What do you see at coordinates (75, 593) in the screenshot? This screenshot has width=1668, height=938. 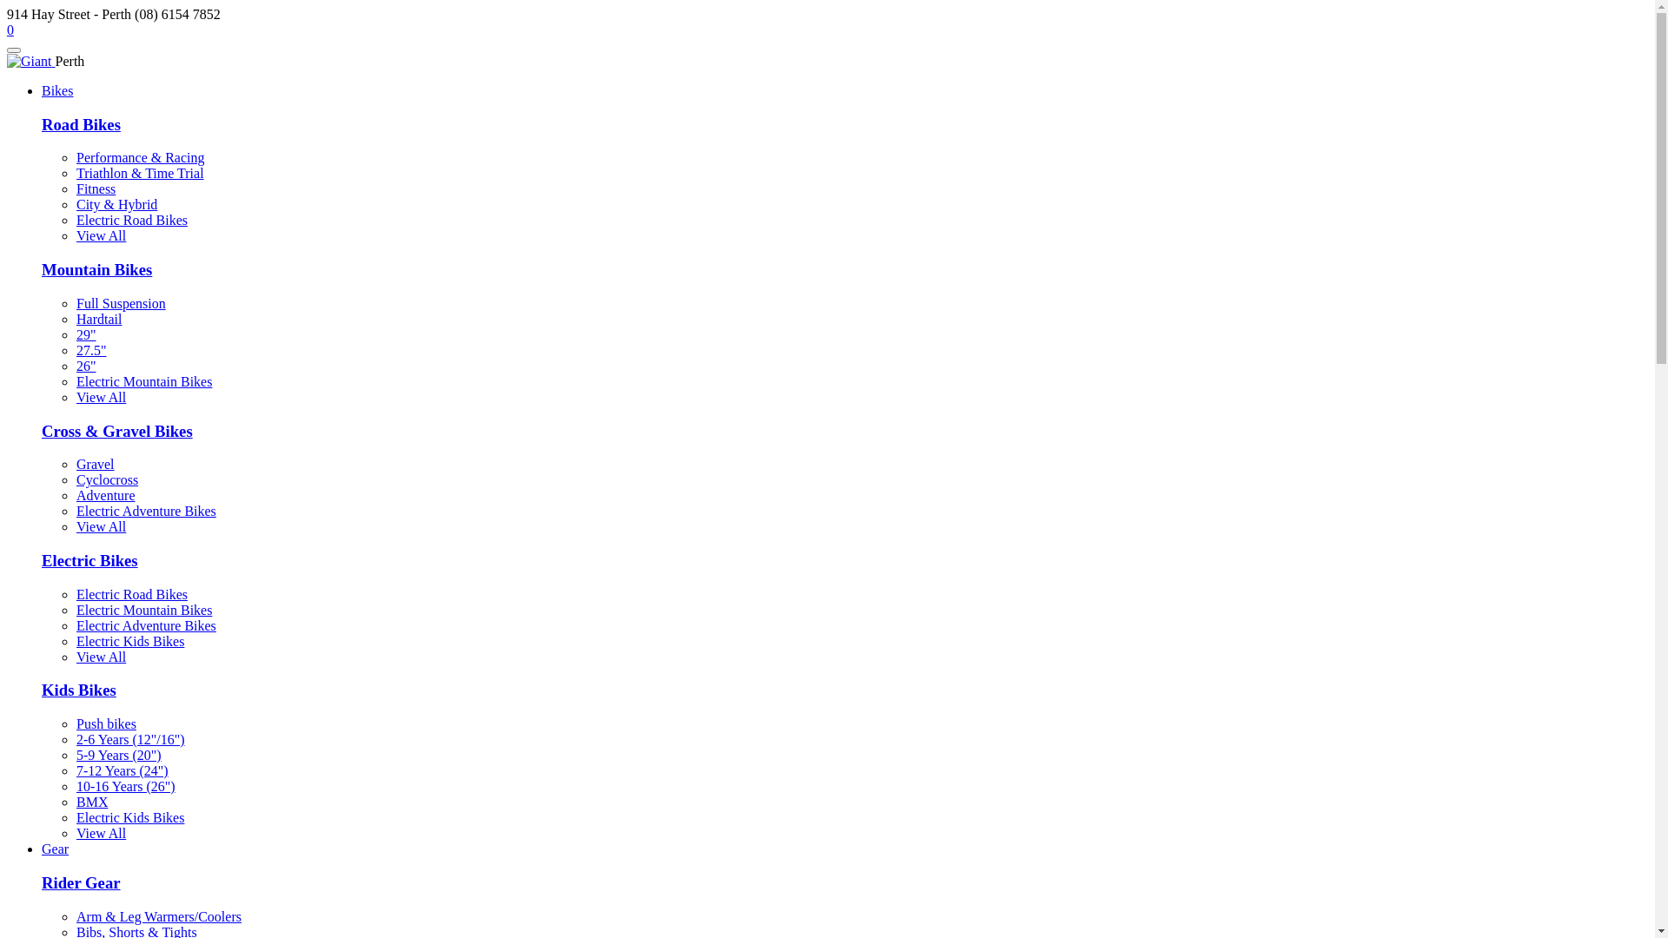 I see `'Electric Road Bikes'` at bounding box center [75, 593].